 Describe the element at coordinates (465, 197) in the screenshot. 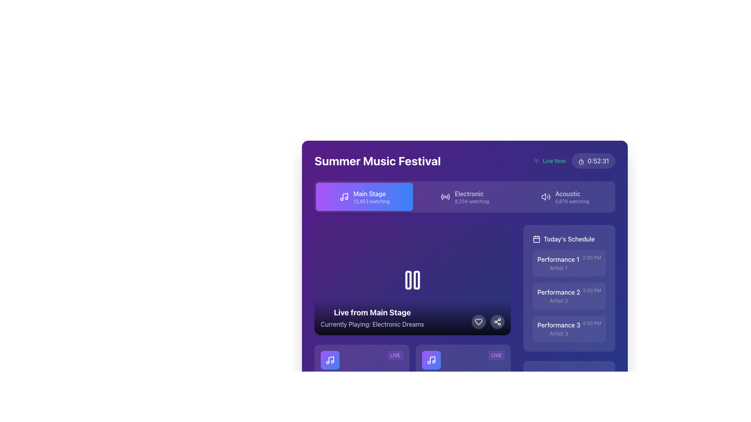

I see `the 'Electronic' category button-like selector positioned between 'Main Stage' and 'Acoustic' for navigation` at that location.